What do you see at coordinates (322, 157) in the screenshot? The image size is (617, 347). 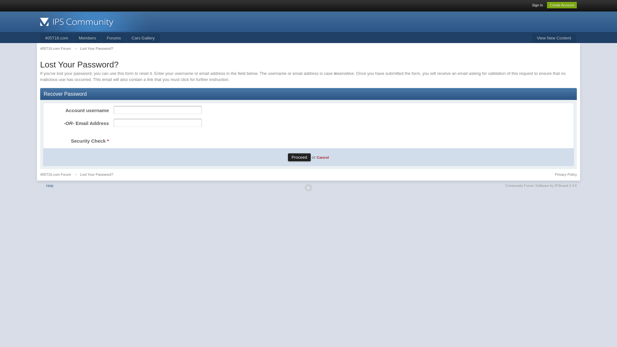 I see `'Cancel'` at bounding box center [322, 157].